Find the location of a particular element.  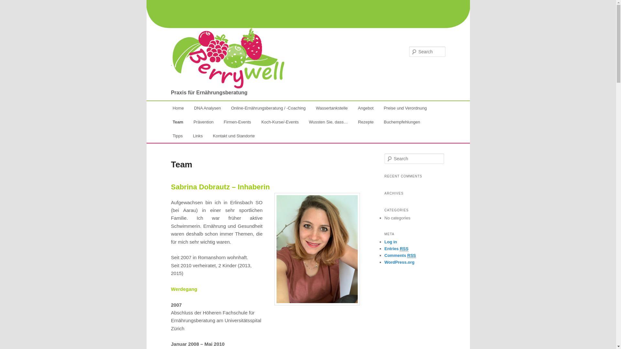

'Search' is located at coordinates (0, 5).